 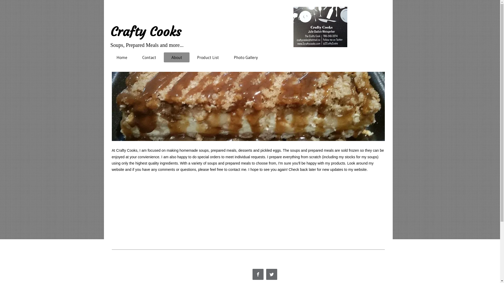 I want to click on 'Home', so click(x=122, y=57).